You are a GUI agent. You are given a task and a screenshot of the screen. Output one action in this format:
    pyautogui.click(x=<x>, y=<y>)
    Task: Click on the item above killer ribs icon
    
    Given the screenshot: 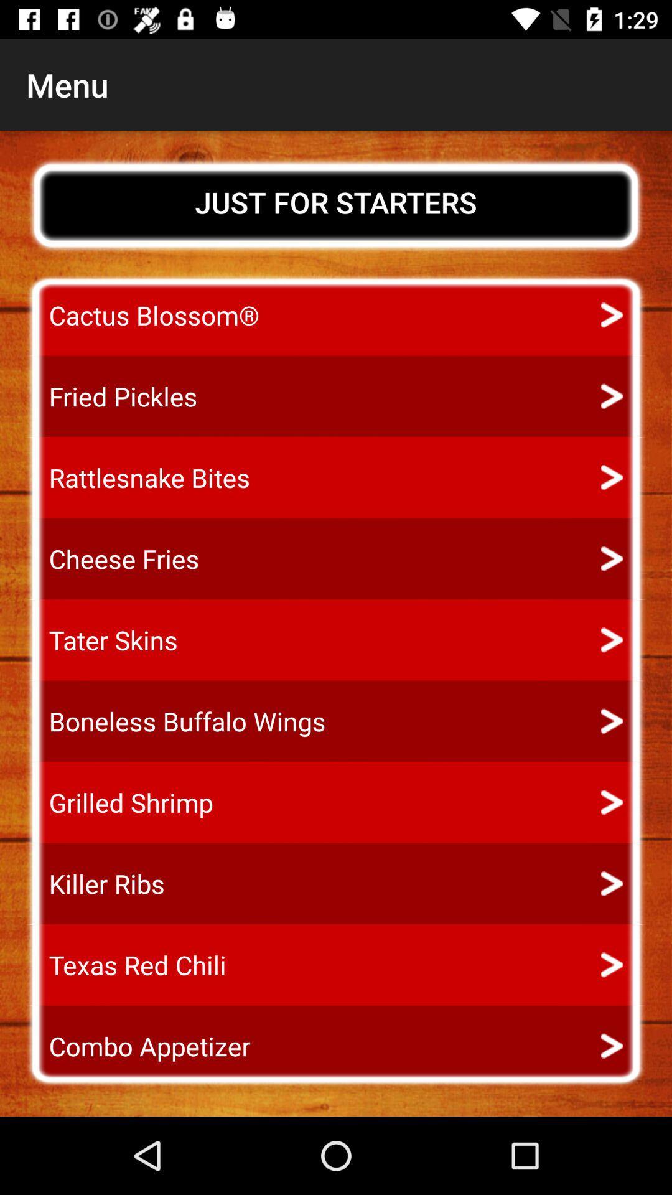 What is the action you would take?
    pyautogui.click(x=119, y=802)
    